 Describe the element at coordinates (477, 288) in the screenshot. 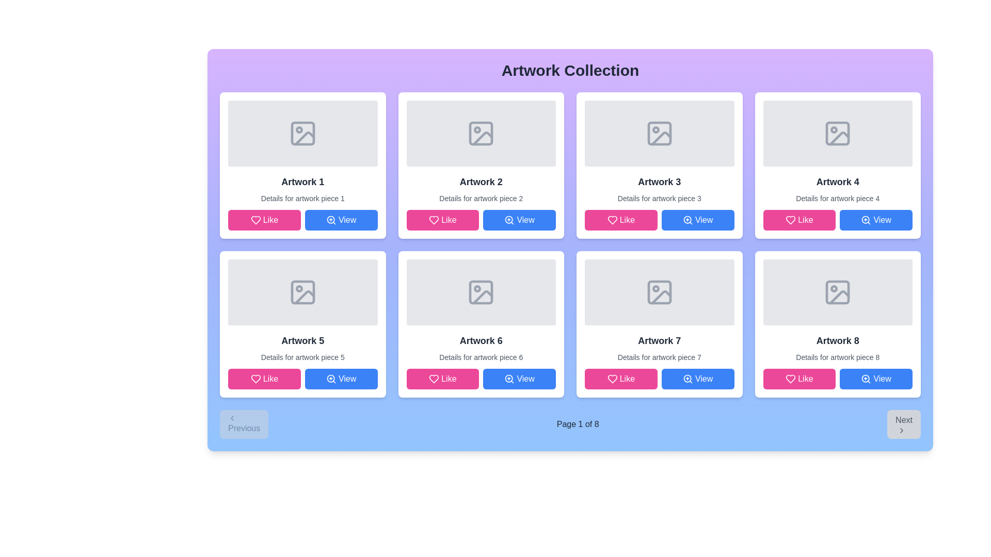

I see `the small circular icon located in the sixth image placeholder of the second row in the grid layout` at that location.